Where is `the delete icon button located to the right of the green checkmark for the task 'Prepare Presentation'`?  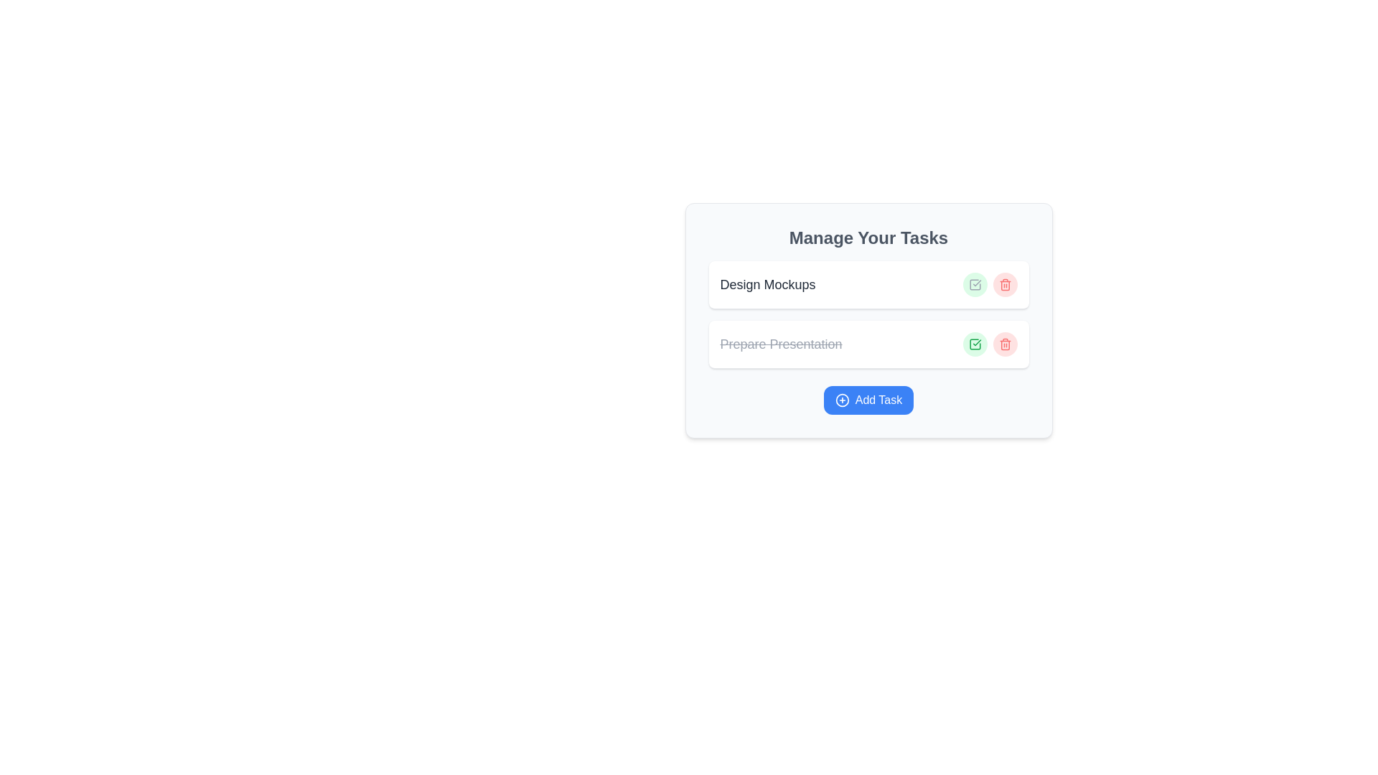
the delete icon button located to the right of the green checkmark for the task 'Prepare Presentation' is located at coordinates (1004, 344).